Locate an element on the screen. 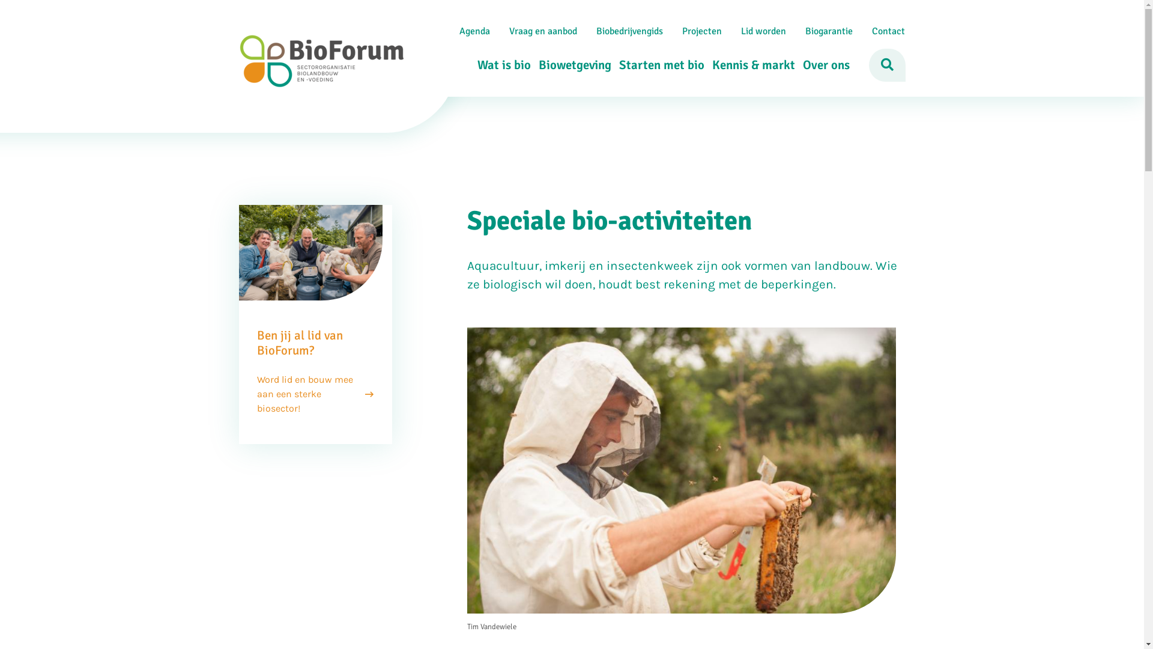 The image size is (1153, 649). 'Biowetgeving' is located at coordinates (570, 65).